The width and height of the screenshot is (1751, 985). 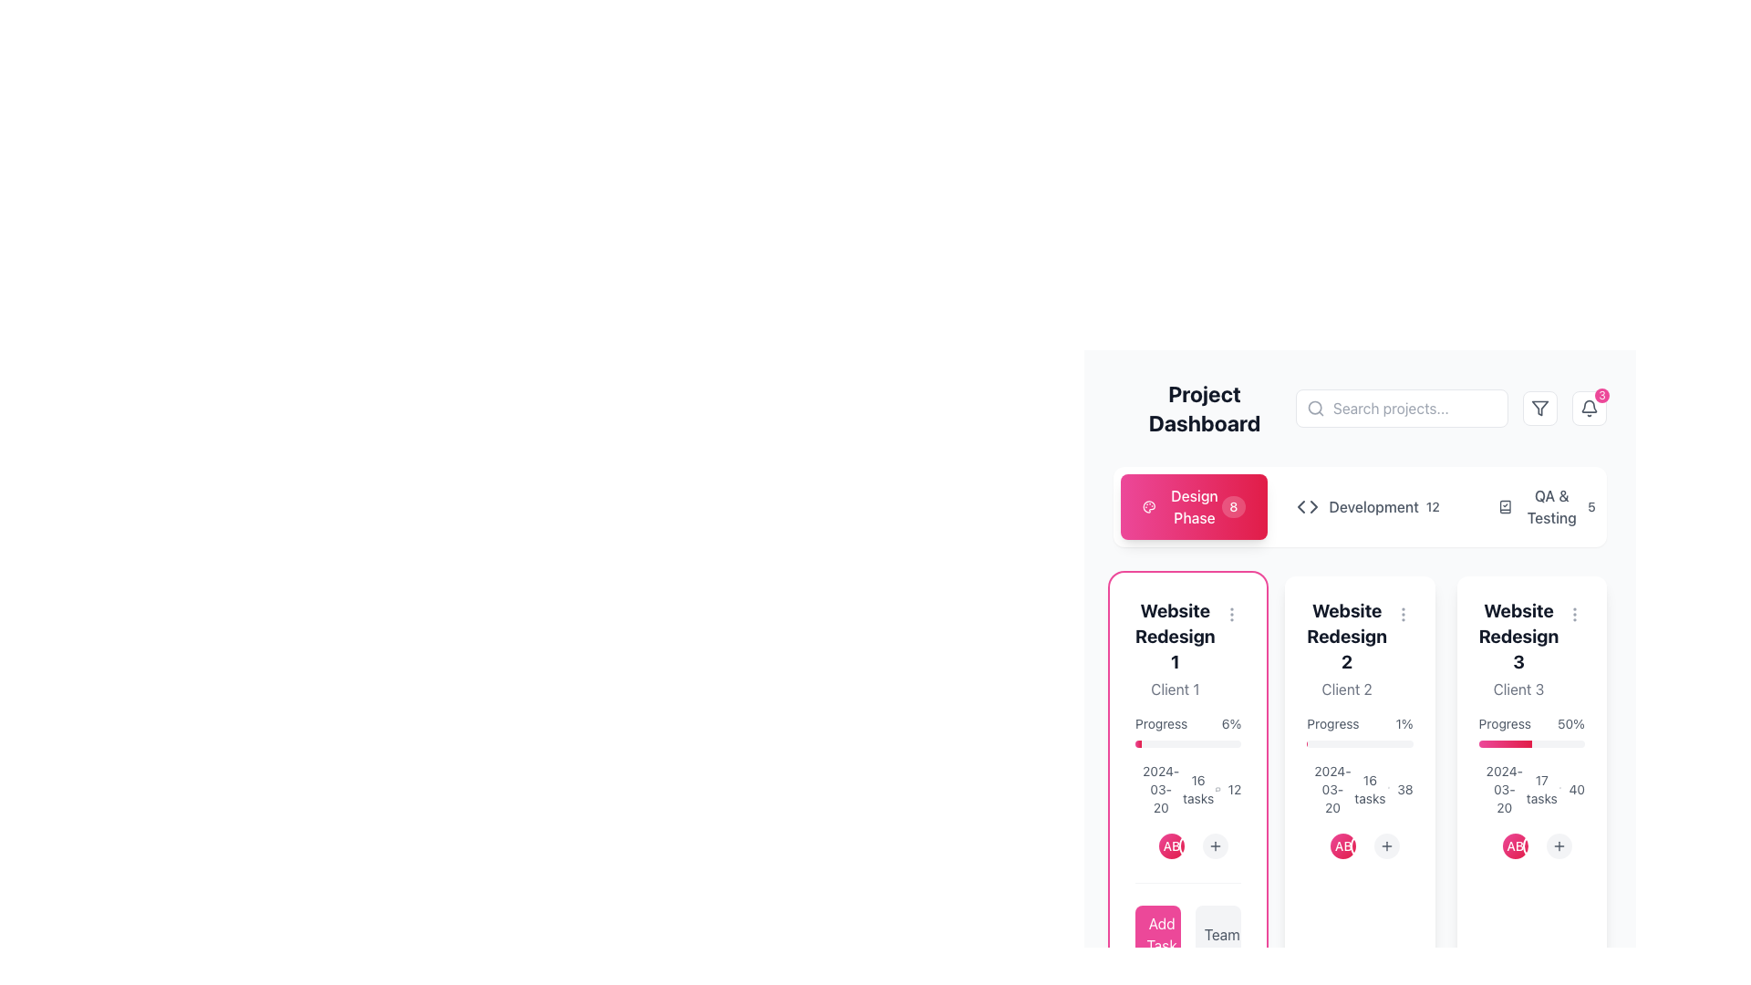 I want to click on displayed text from the counter badge located at the top right corner of the 'QA & Testing' section, following the label text 'QA & Testing', so click(x=1590, y=506).